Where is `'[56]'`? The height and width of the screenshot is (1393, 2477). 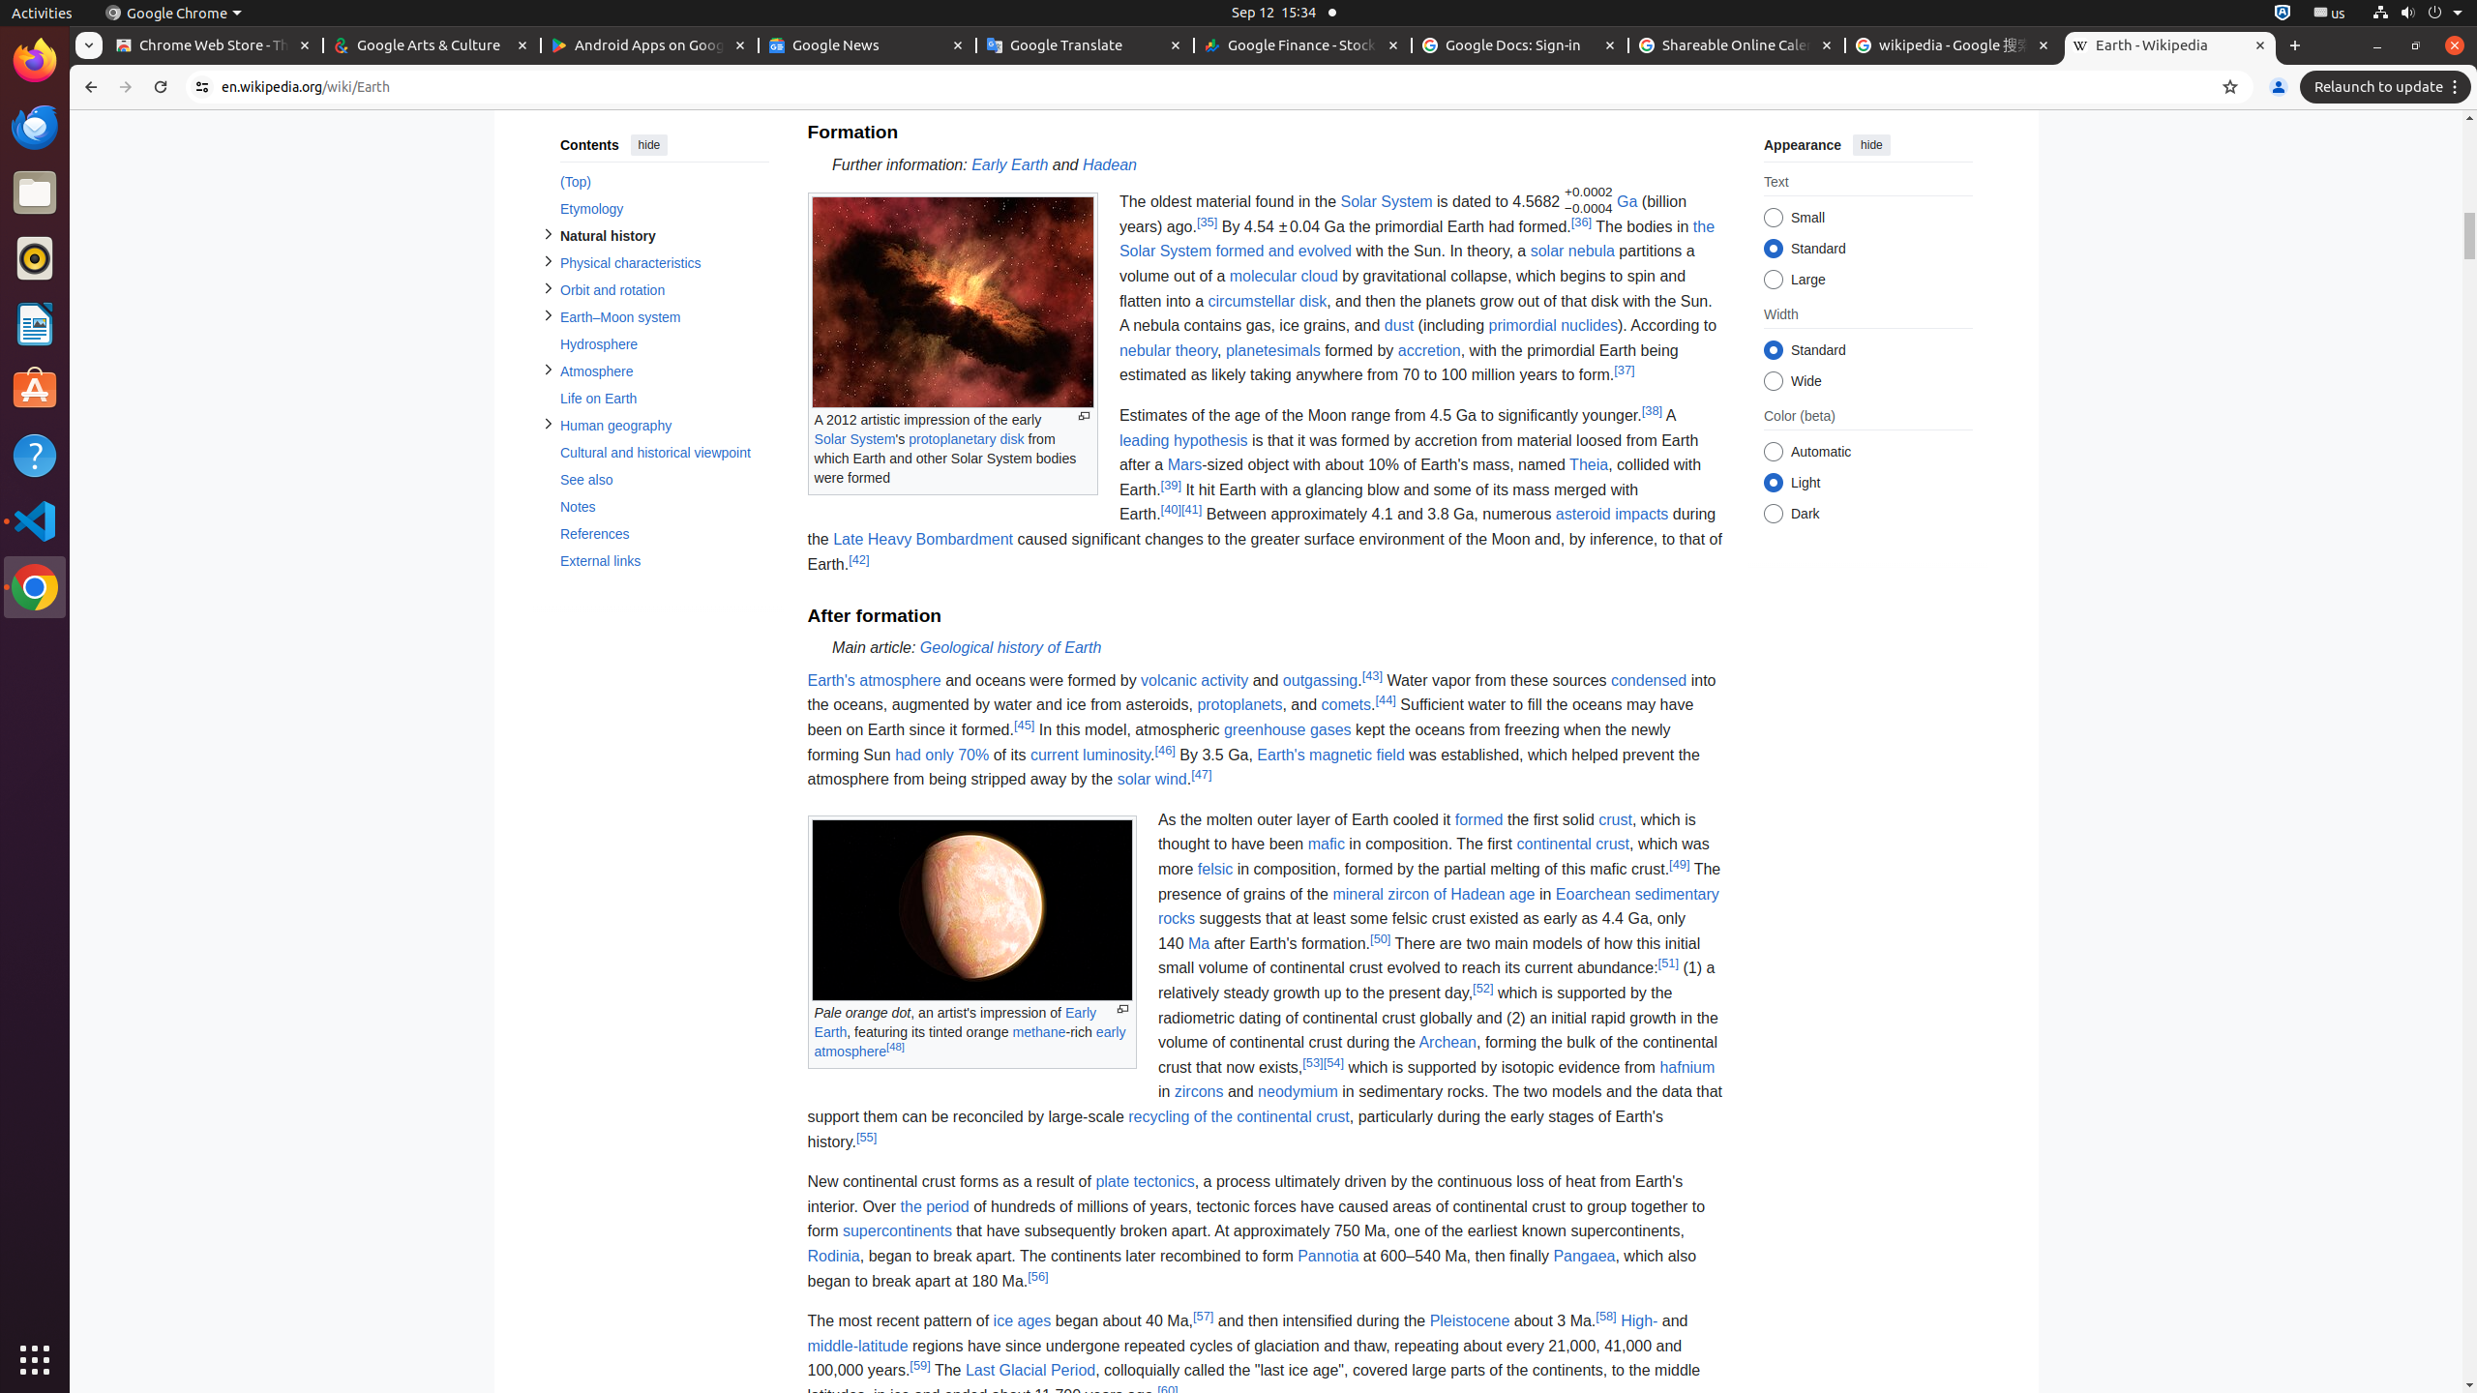 '[56]' is located at coordinates (1037, 1275).